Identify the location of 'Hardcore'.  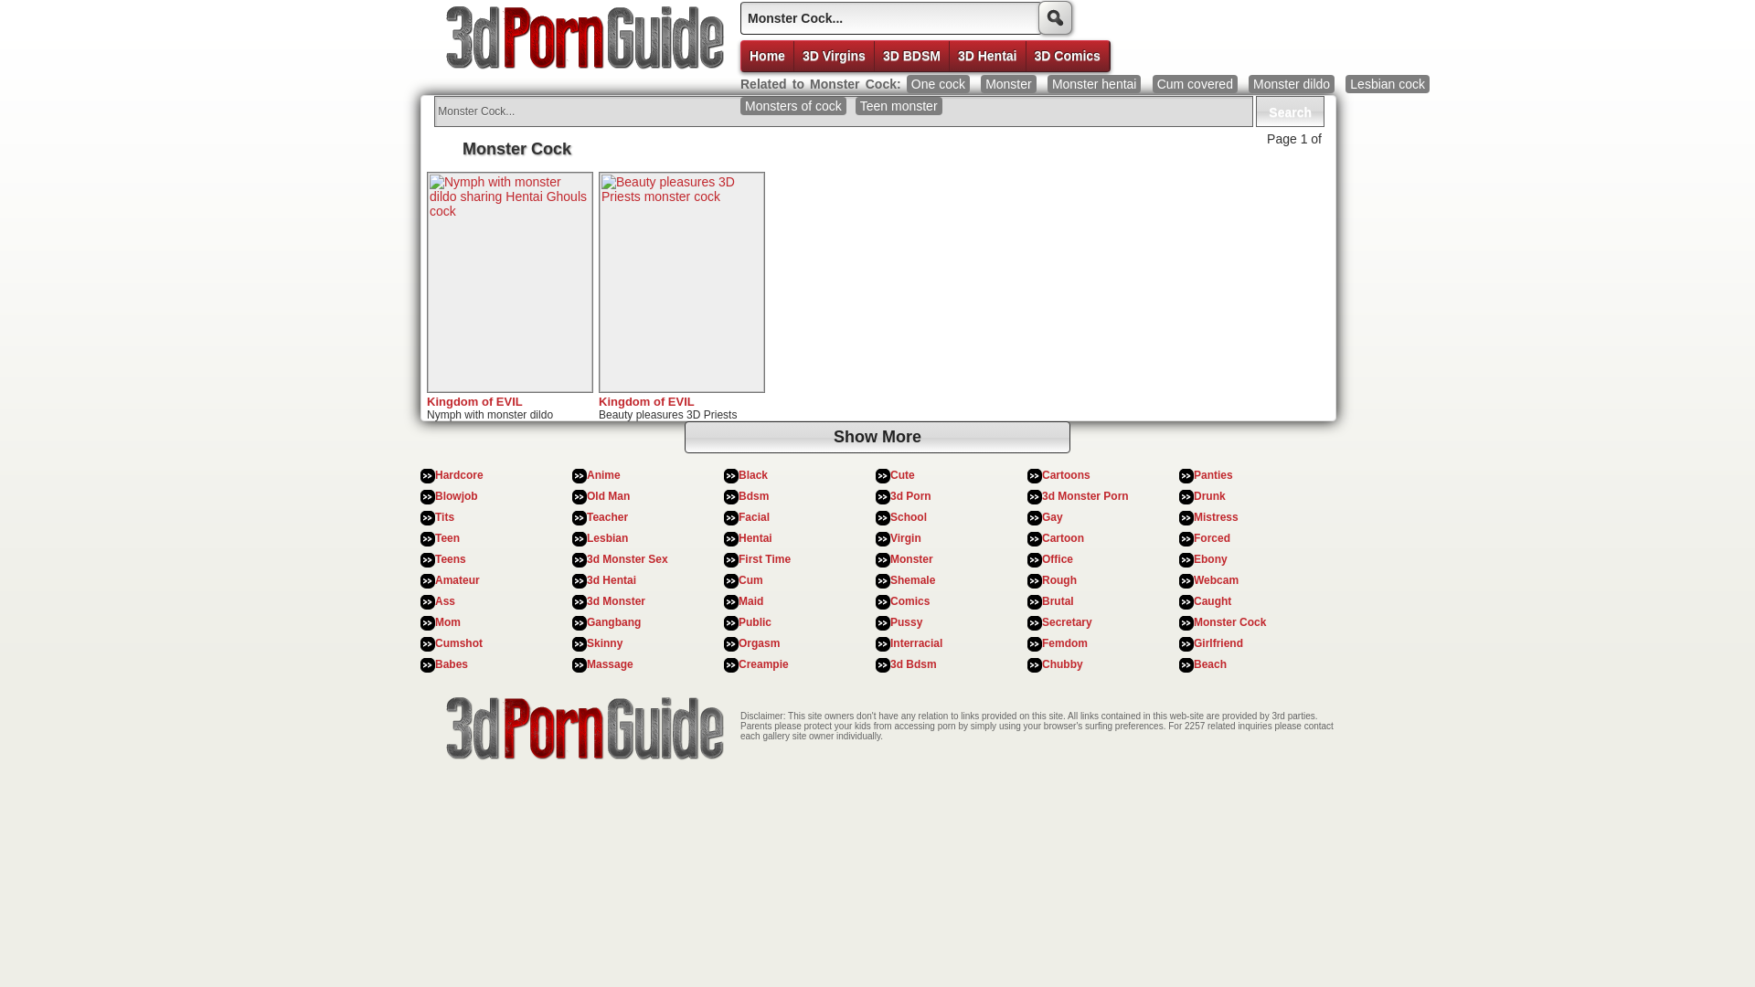
(459, 474).